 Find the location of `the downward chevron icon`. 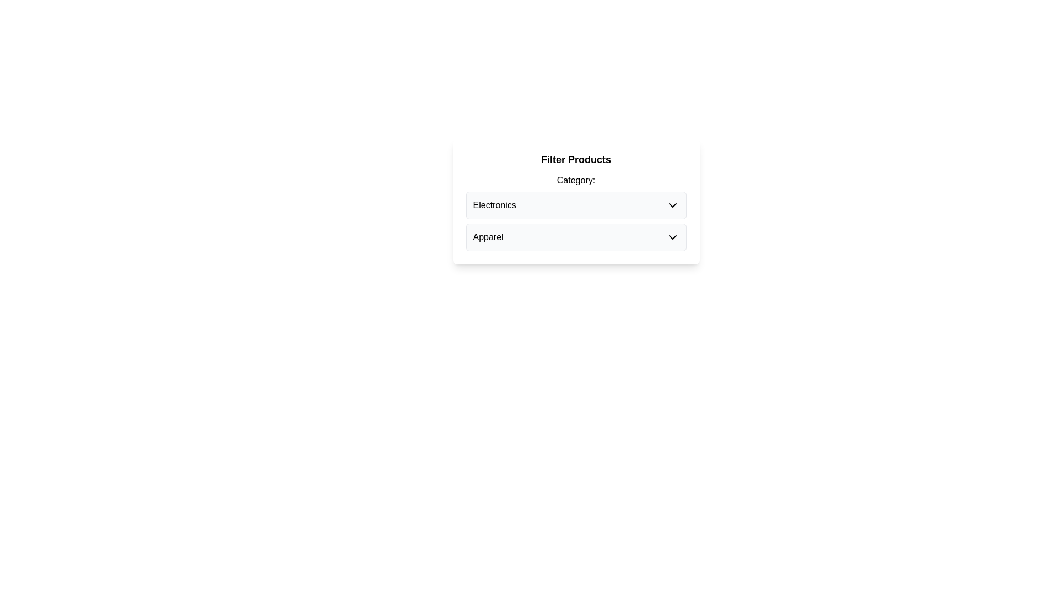

the downward chevron icon is located at coordinates (672, 205).